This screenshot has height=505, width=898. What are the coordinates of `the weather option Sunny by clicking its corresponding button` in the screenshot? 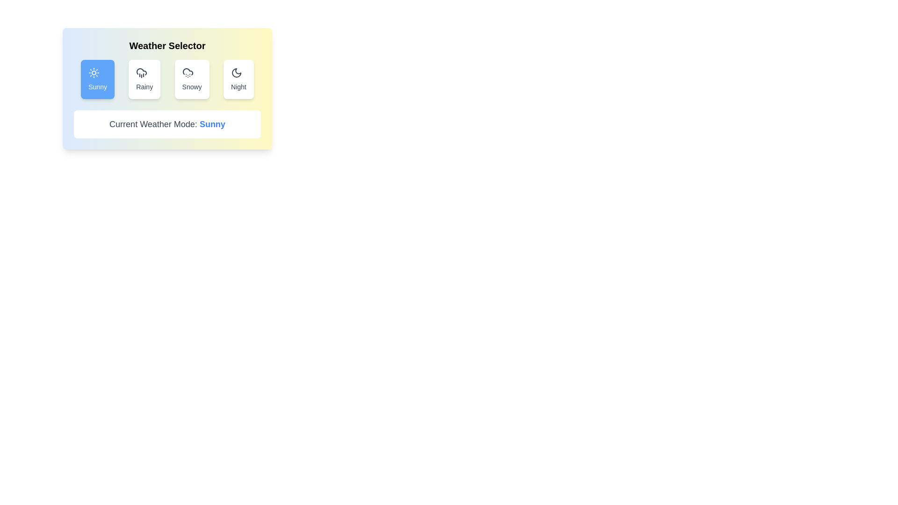 It's located at (98, 79).